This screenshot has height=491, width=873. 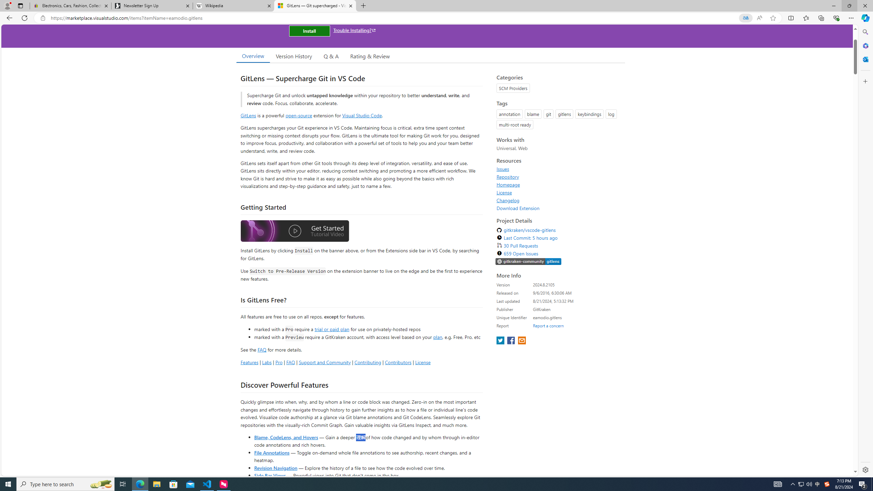 I want to click on 'Minimize', so click(x=833, y=5).